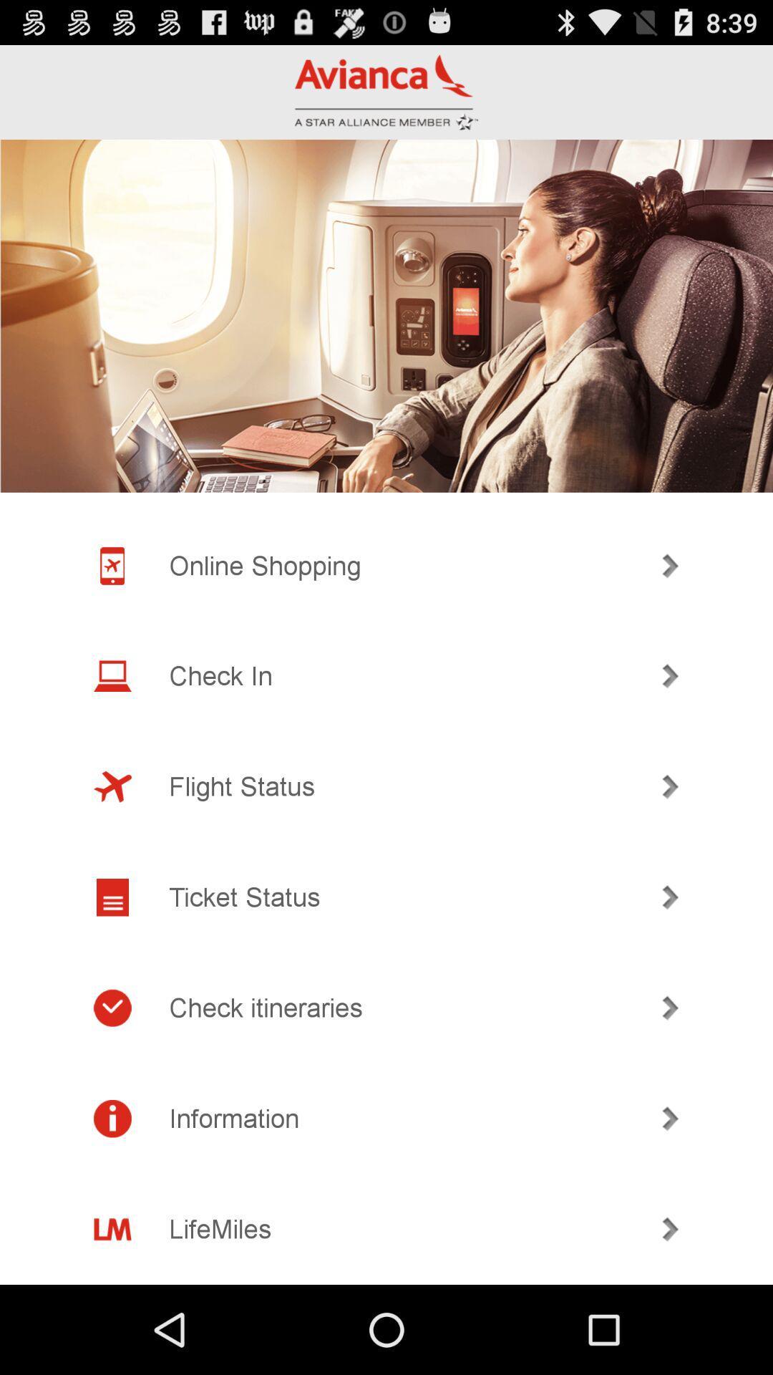 This screenshot has width=773, height=1375. I want to click on icon on the right side of online shopping, so click(671, 565).